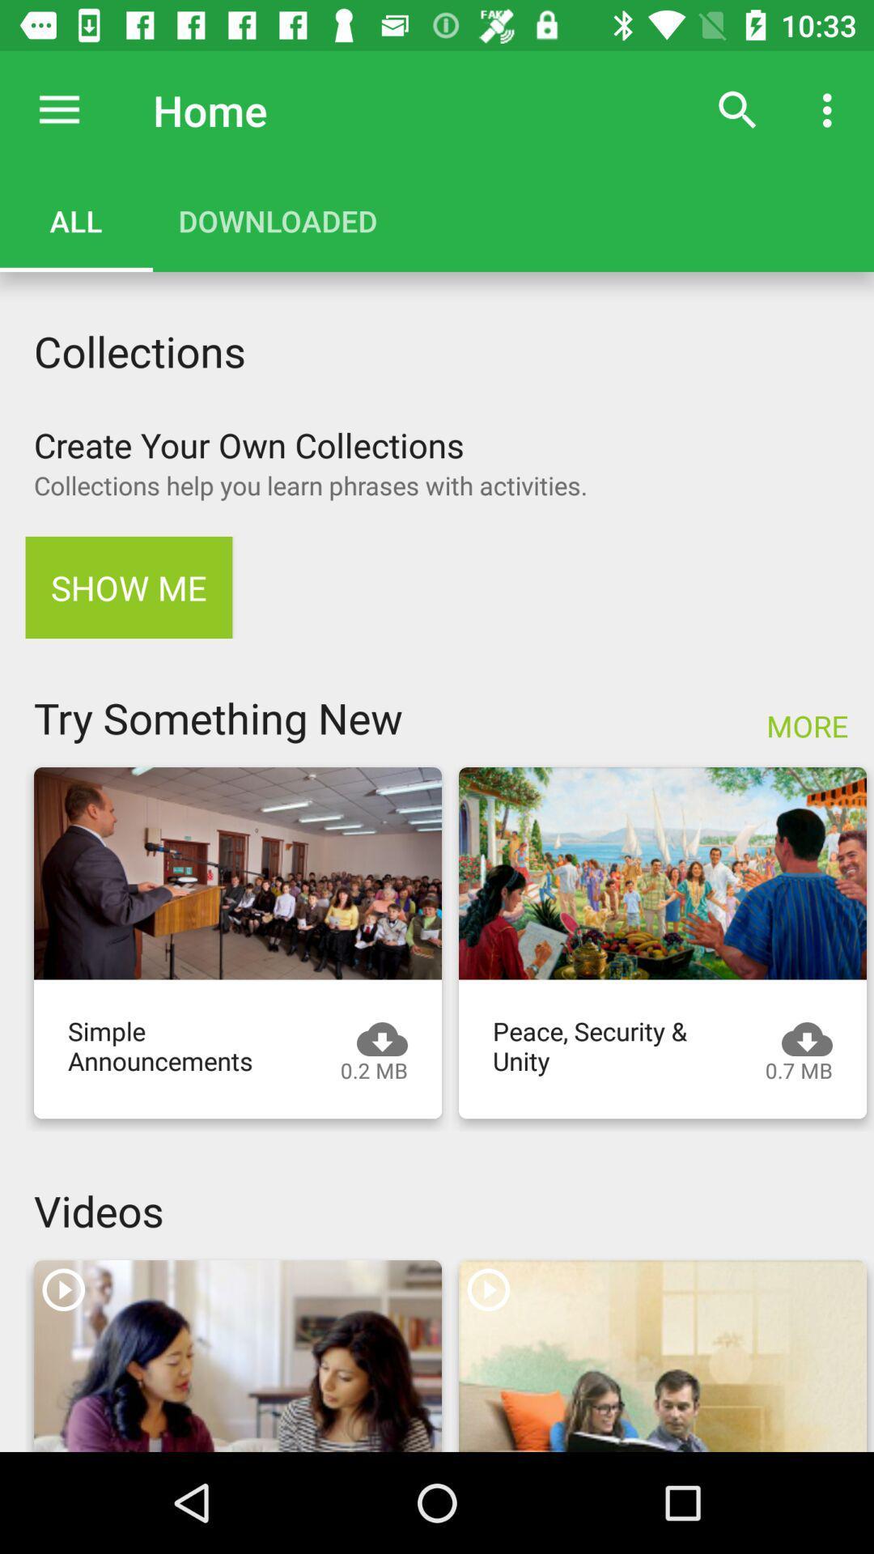 This screenshot has height=1554, width=874. I want to click on the video, so click(662, 1356).